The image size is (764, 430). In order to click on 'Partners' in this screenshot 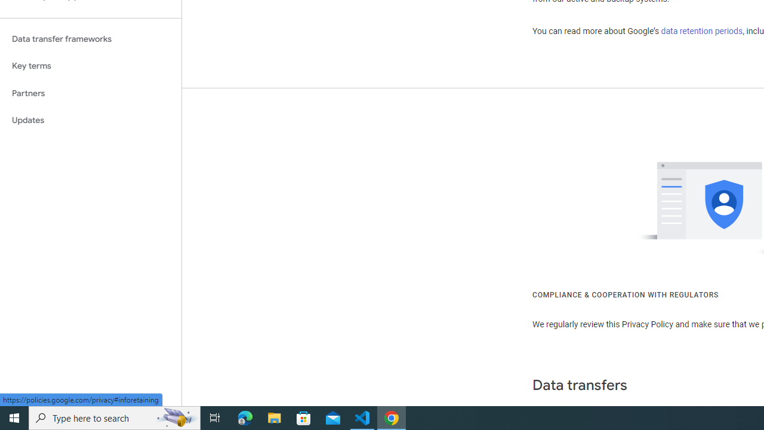, I will do `click(90, 93)`.